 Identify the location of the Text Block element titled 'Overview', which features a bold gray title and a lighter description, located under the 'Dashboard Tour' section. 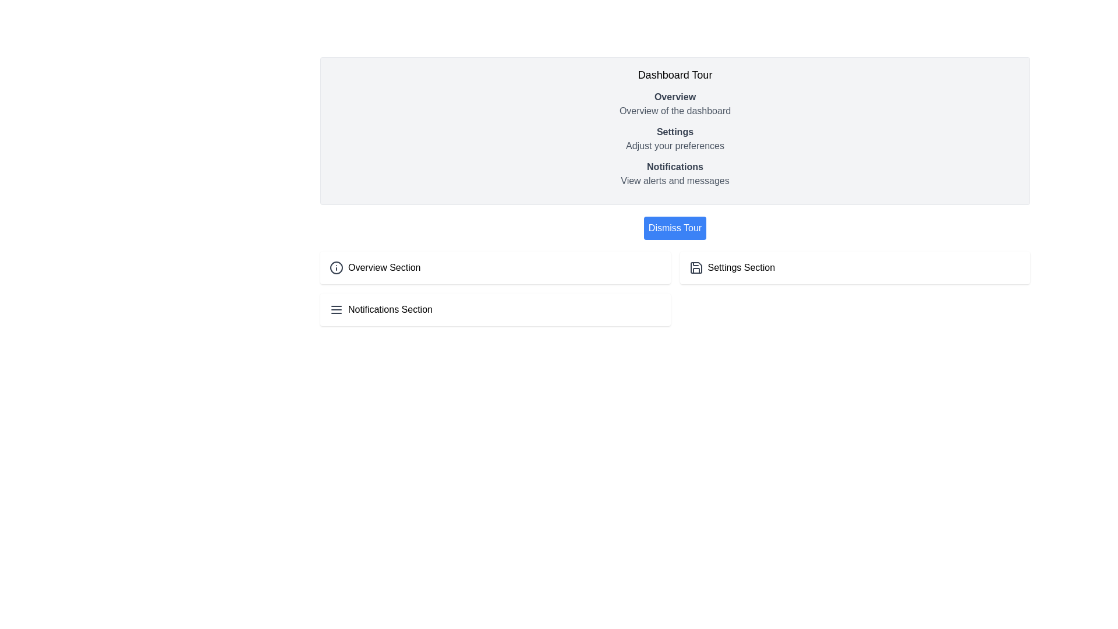
(675, 103).